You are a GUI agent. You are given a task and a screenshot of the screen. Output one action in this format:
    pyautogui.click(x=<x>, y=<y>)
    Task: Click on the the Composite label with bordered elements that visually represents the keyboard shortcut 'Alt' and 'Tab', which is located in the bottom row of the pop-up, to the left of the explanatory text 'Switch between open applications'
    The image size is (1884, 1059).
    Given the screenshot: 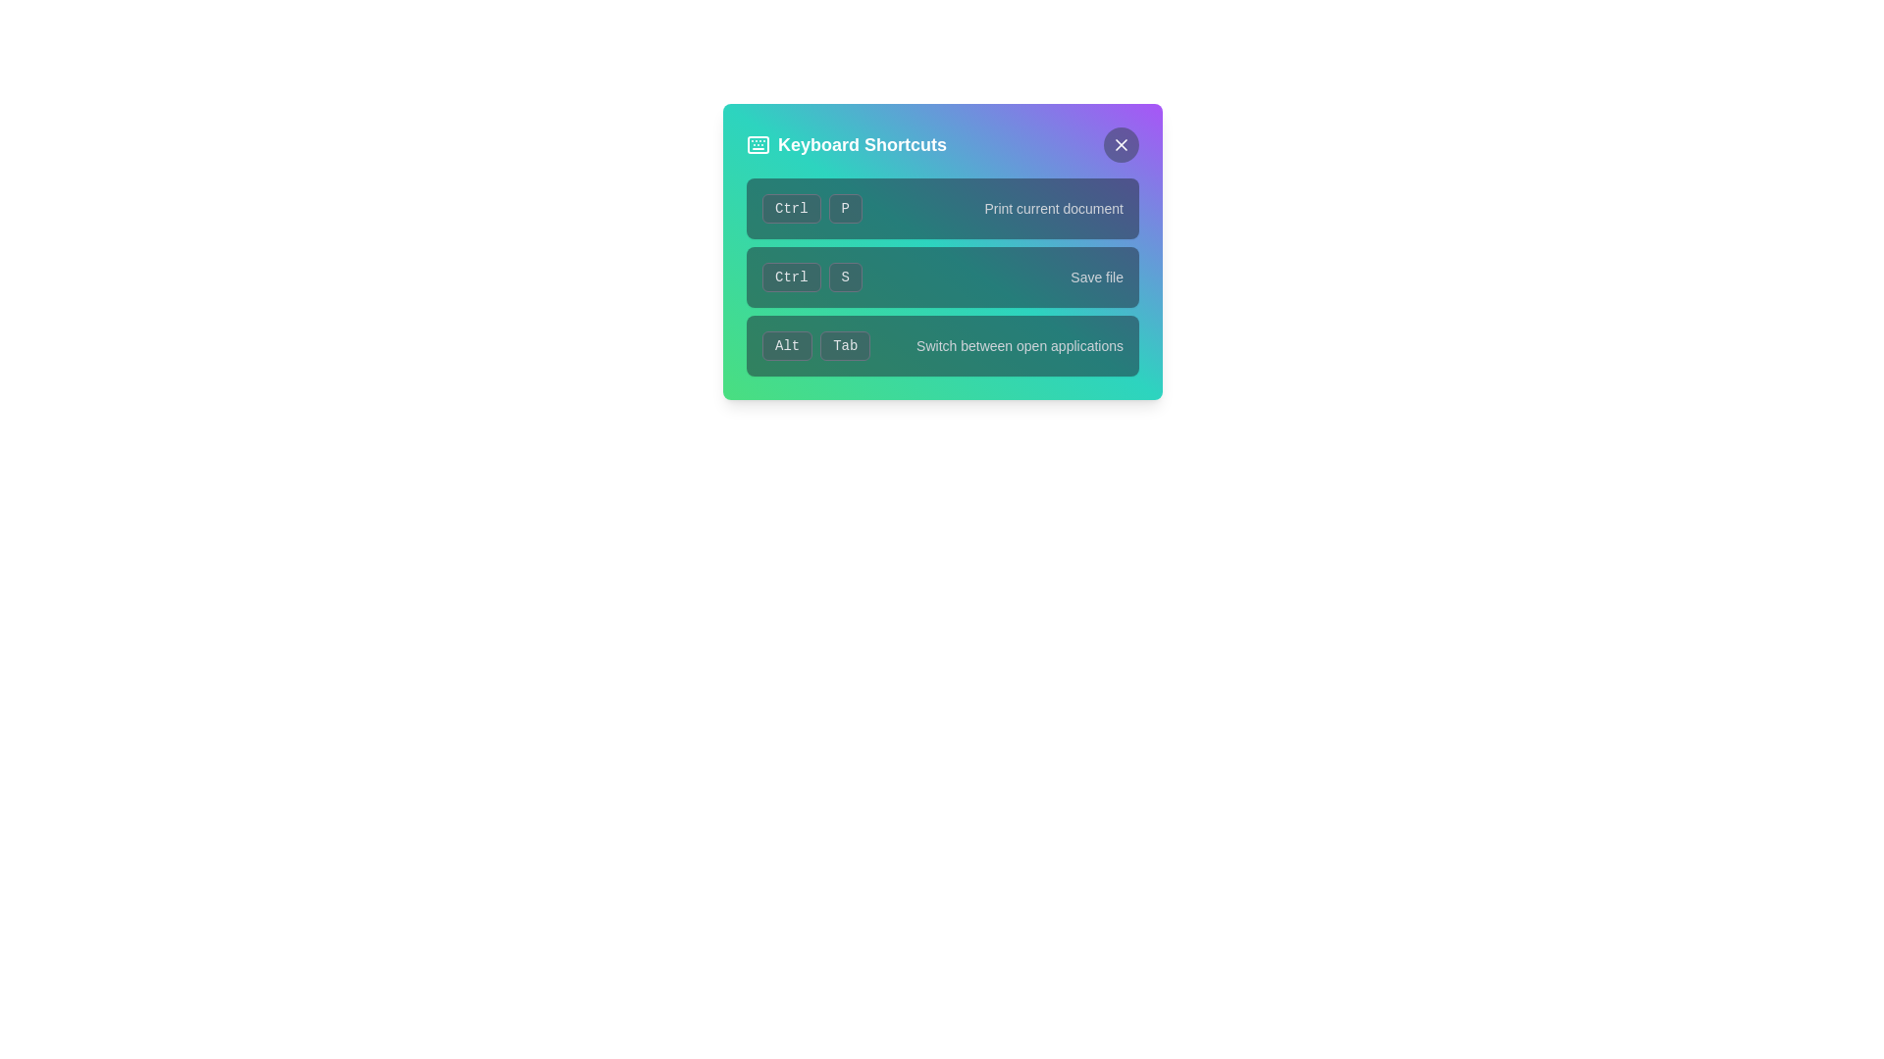 What is the action you would take?
    pyautogui.click(x=816, y=345)
    